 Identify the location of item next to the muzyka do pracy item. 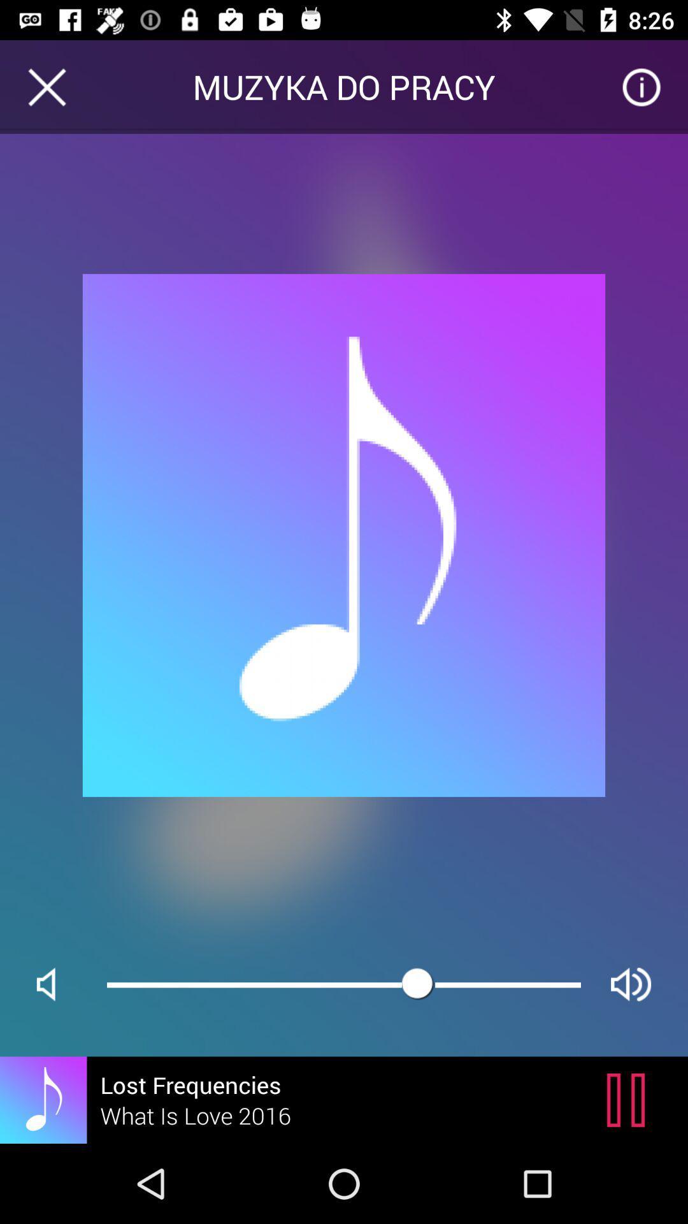
(46, 86).